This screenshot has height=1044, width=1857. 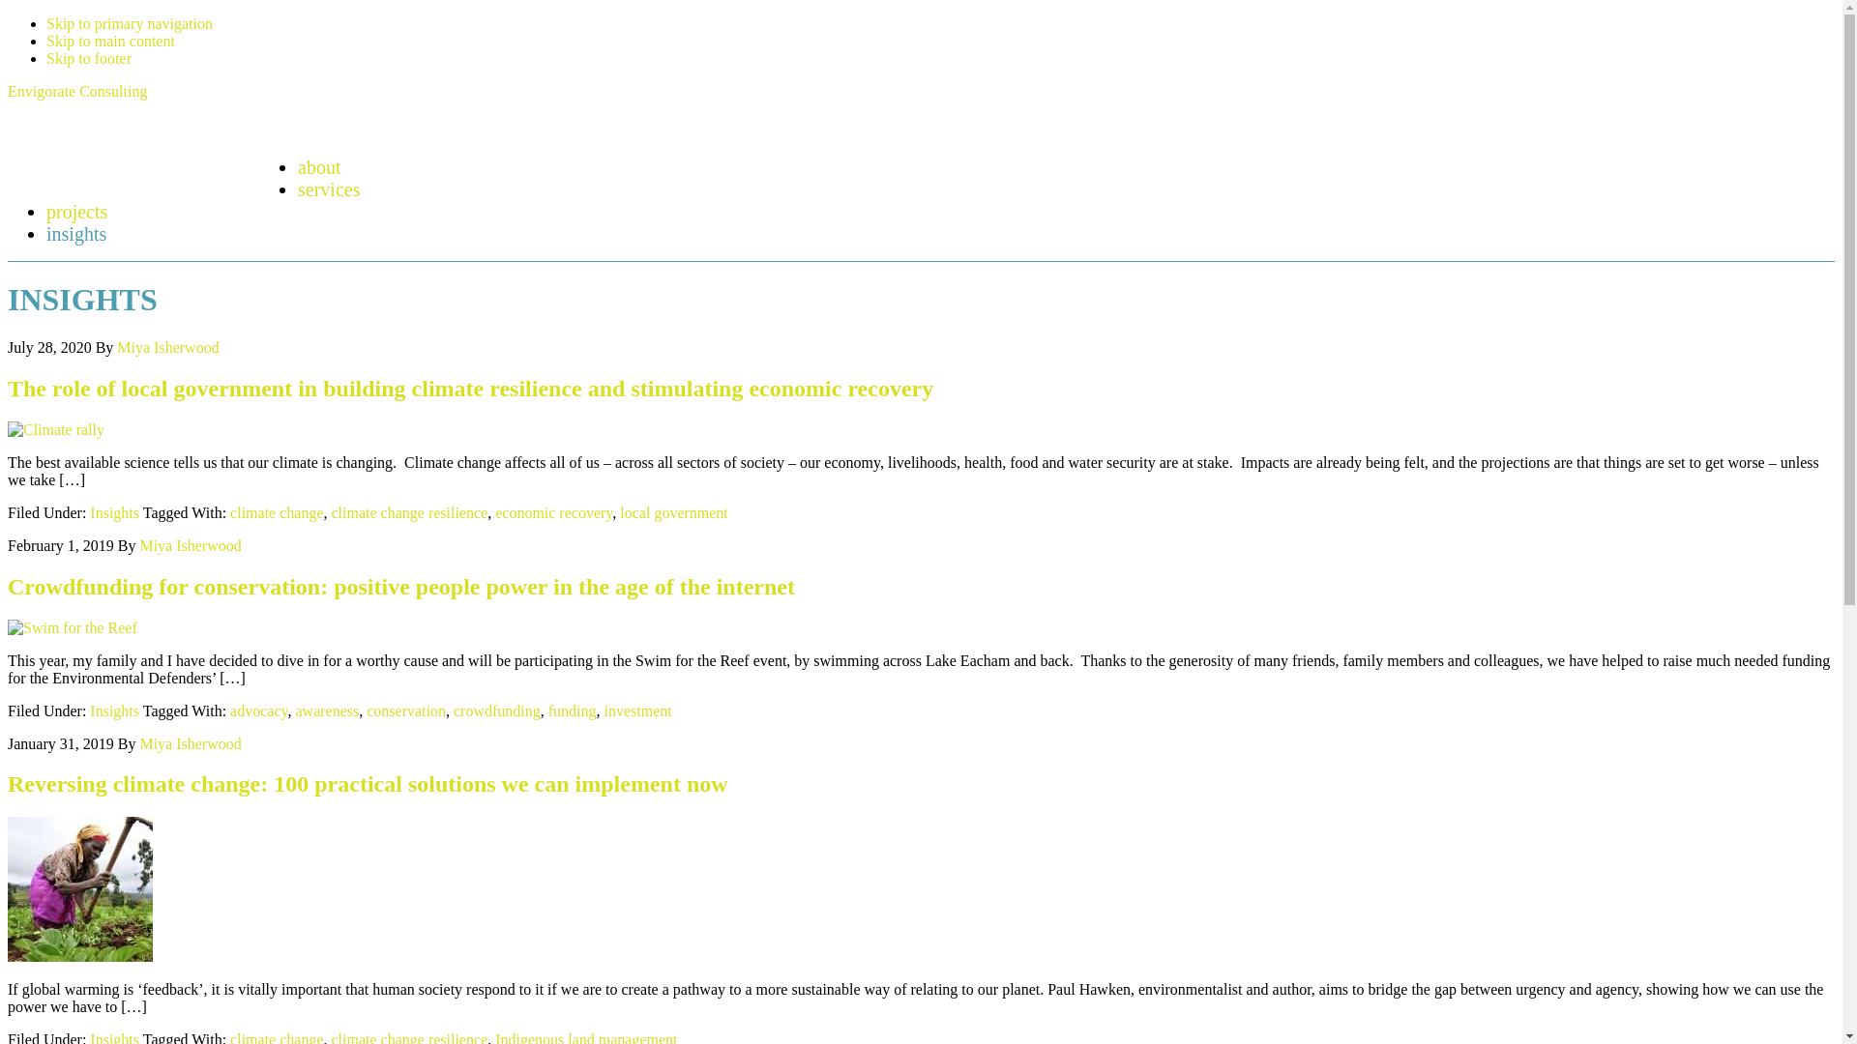 What do you see at coordinates (109, 41) in the screenshot?
I see `'Skip to main content'` at bounding box center [109, 41].